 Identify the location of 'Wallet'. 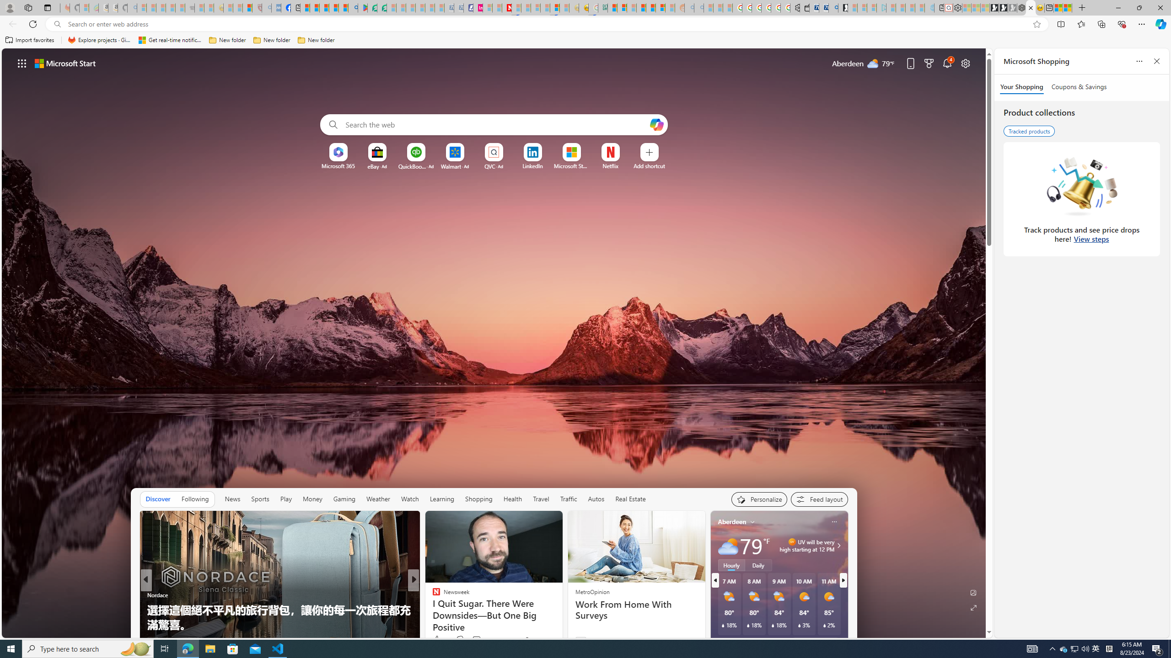
(805, 7).